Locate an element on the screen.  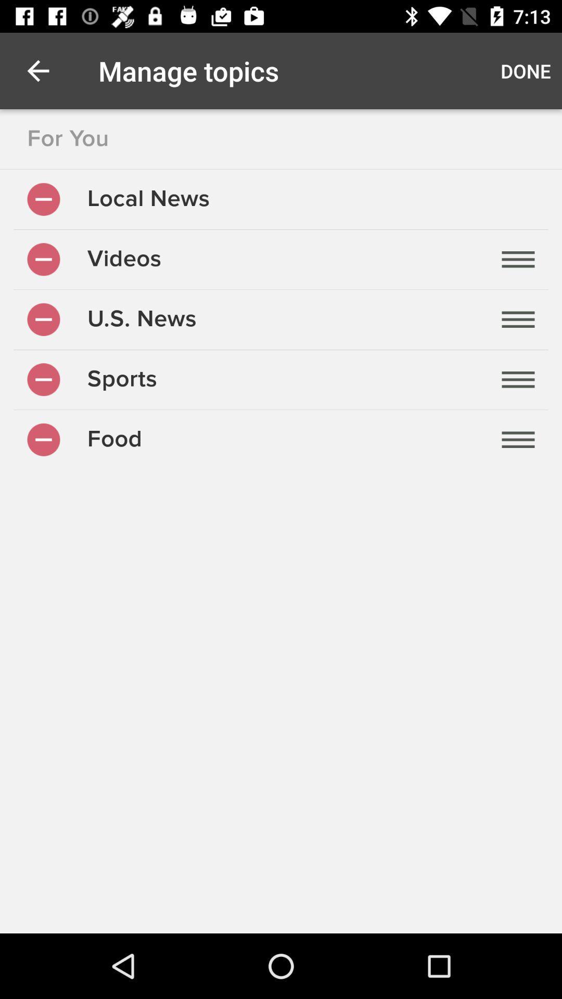
the icon to the left of manage topics is located at coordinates (37, 70).